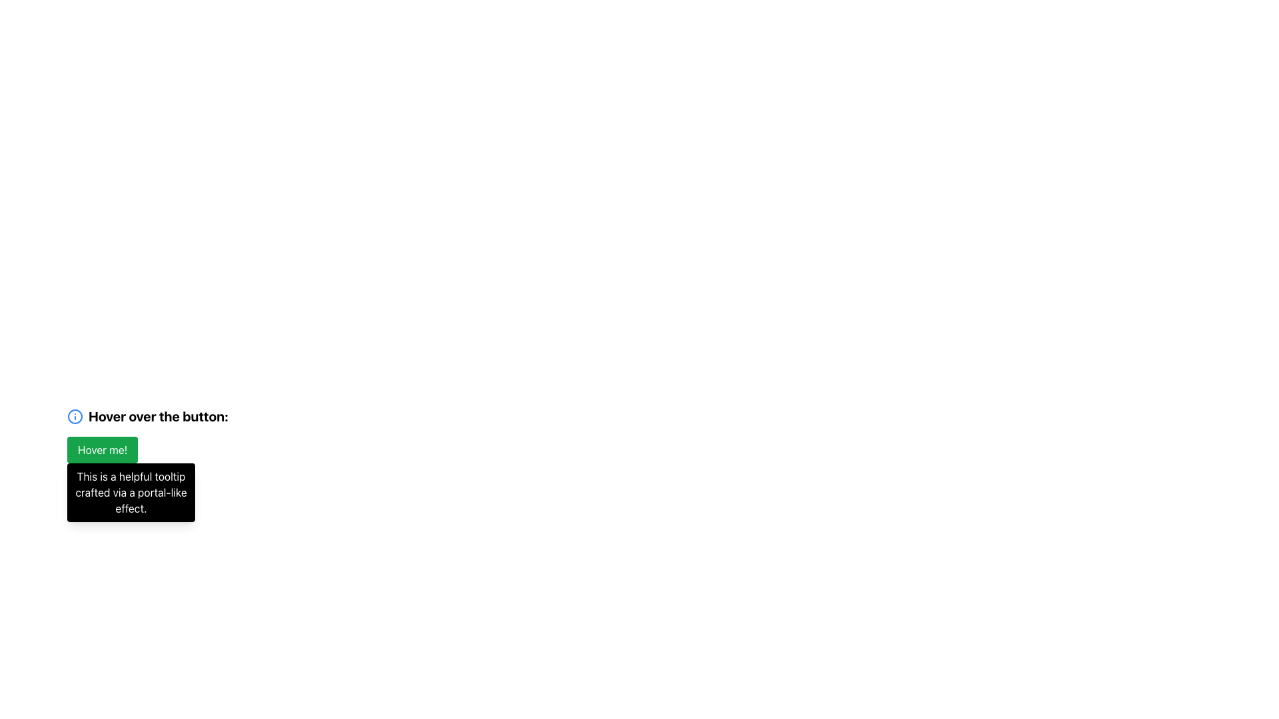 Image resolution: width=1279 pixels, height=719 pixels. What do you see at coordinates (102, 449) in the screenshot?
I see `the tooltip trigger button located centered horizontally below the instruction label, which displays detailed information in a tooltip when hovered` at bounding box center [102, 449].